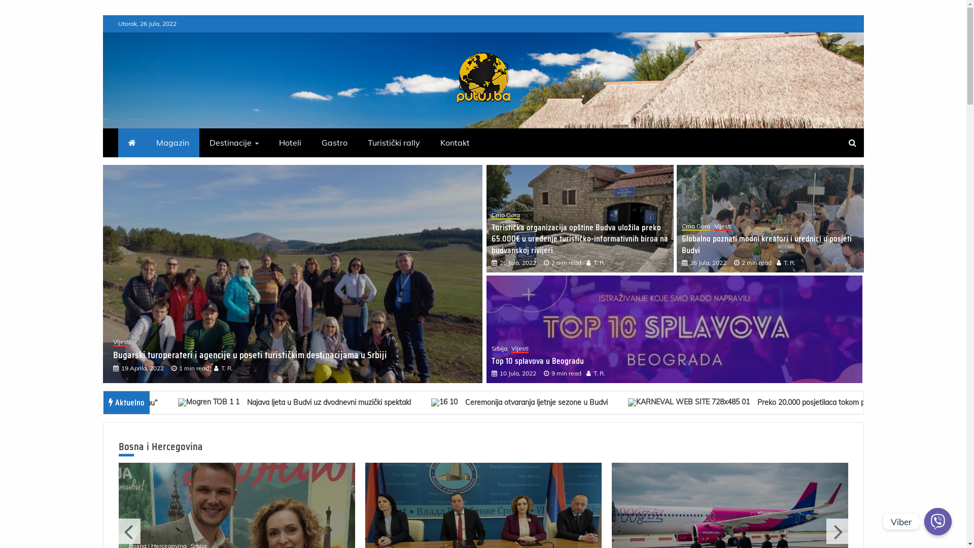  Describe the element at coordinates (517, 373) in the screenshot. I see `'10 Jula, 2022'` at that location.